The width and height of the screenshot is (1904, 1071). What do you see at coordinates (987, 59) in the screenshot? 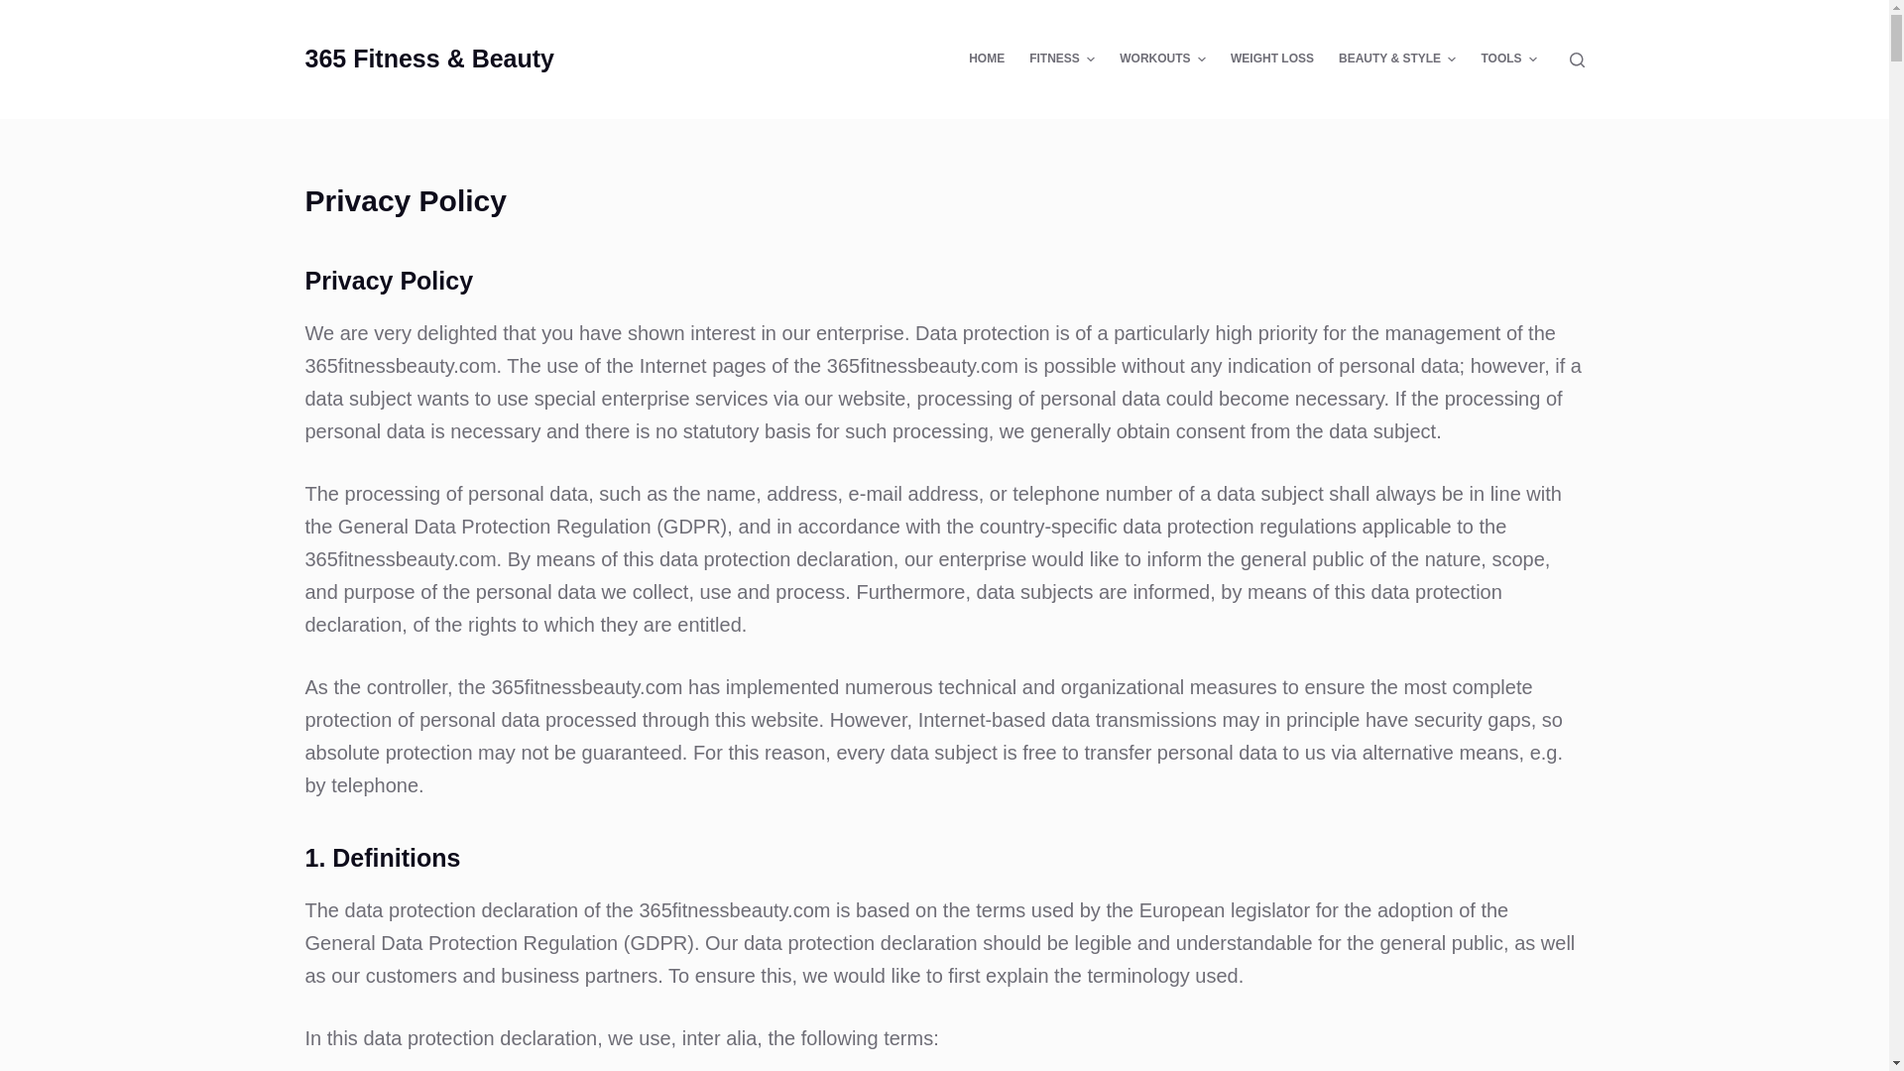
I see `'HOME'` at bounding box center [987, 59].